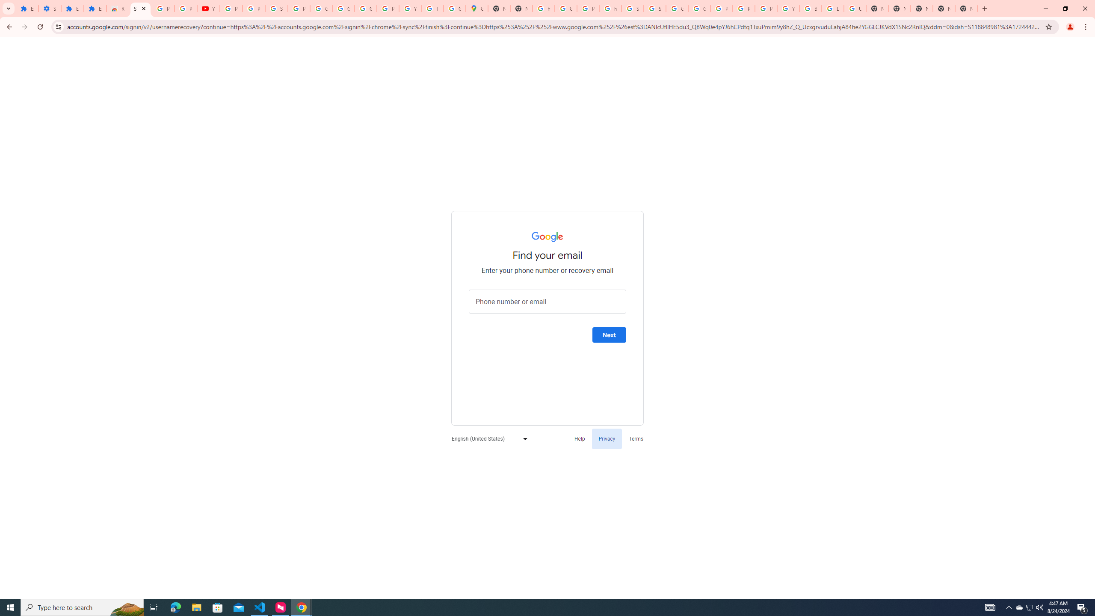 The height and width of the screenshot is (616, 1095). I want to click on 'Next', so click(609, 335).